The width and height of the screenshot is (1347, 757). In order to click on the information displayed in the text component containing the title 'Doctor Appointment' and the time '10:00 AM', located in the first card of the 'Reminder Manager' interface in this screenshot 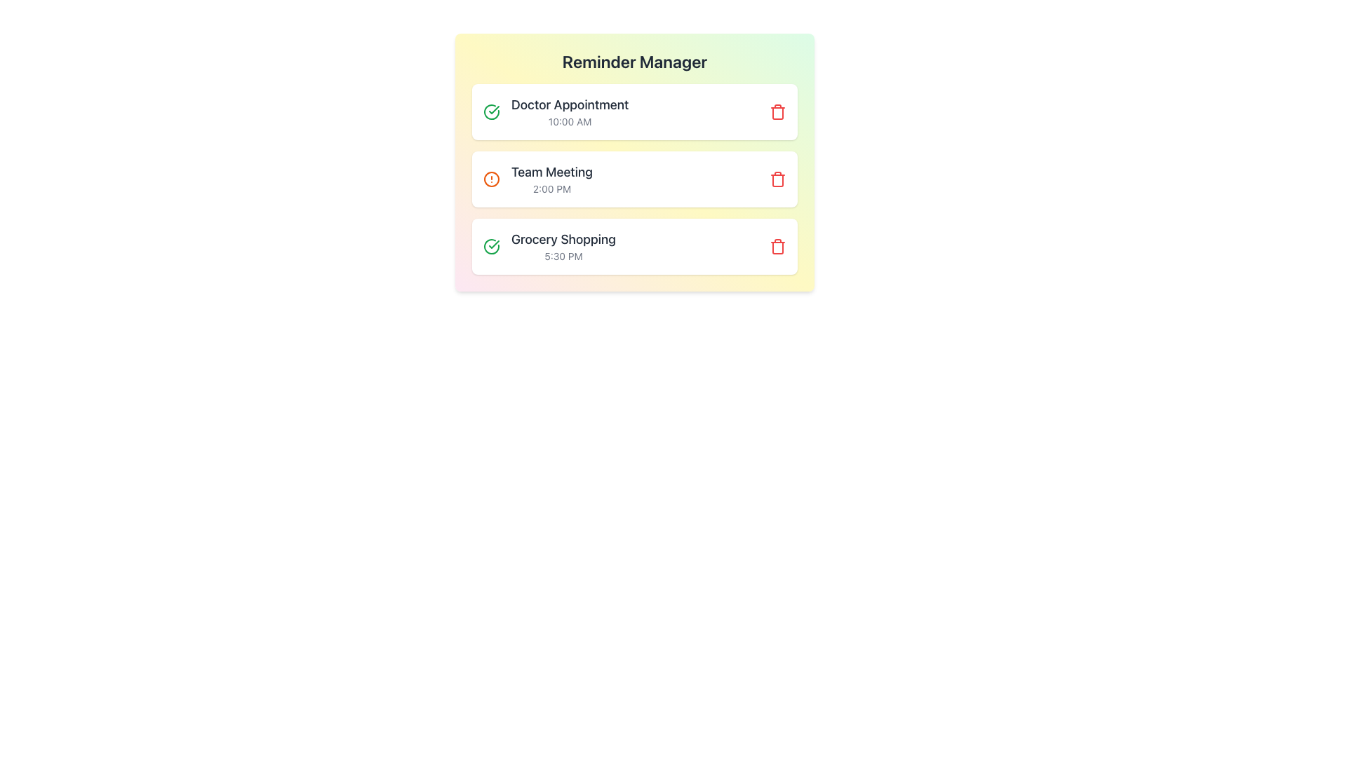, I will do `click(570, 111)`.